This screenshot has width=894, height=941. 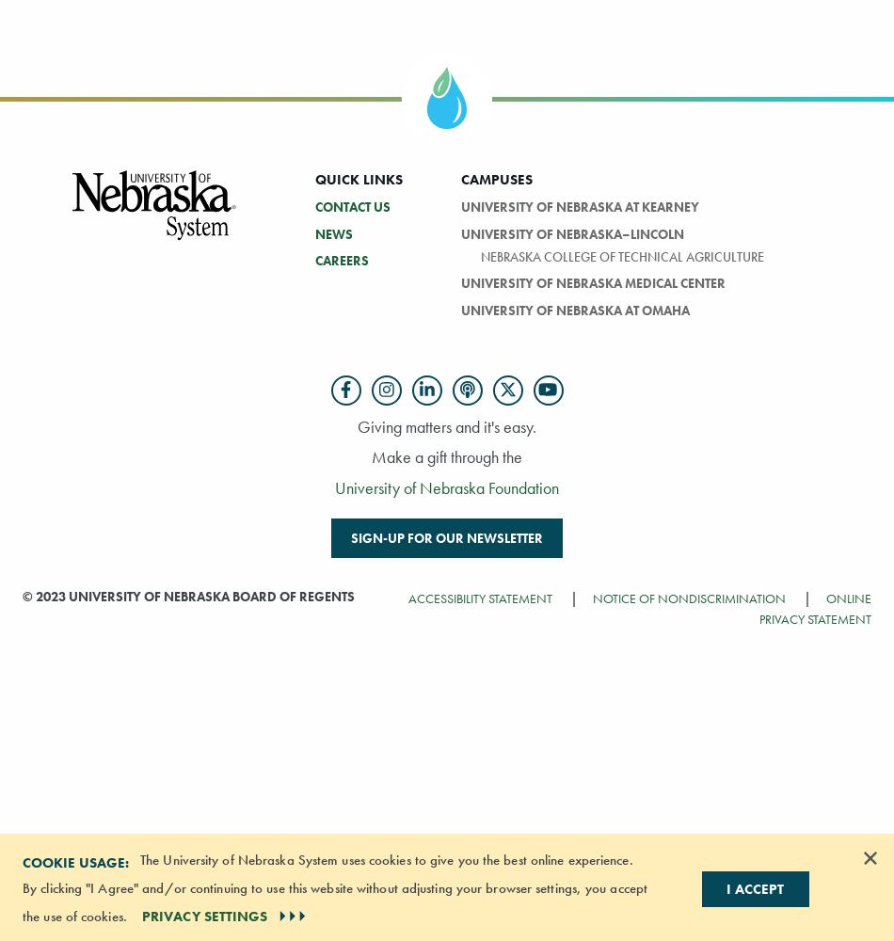 What do you see at coordinates (357, 178) in the screenshot?
I see `'Quick Links'` at bounding box center [357, 178].